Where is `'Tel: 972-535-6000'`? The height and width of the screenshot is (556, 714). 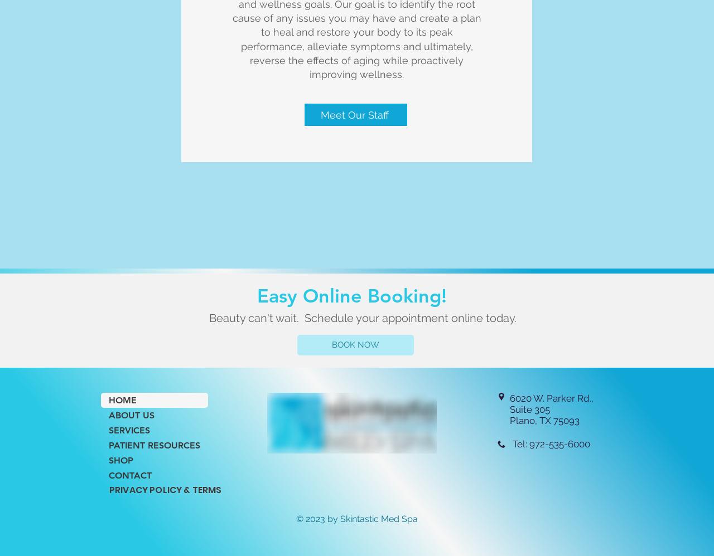
'Tel: 972-535-6000' is located at coordinates (512, 443).